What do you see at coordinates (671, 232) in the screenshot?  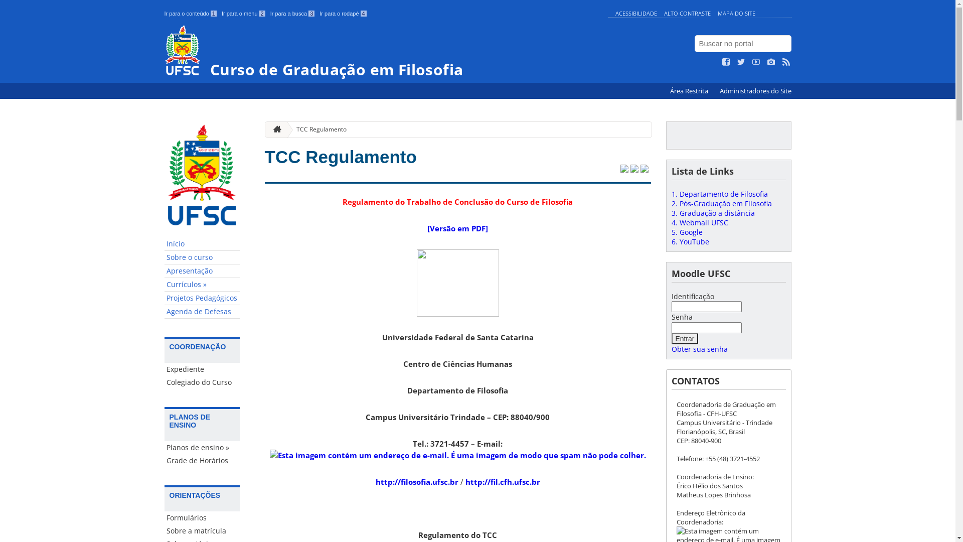 I see `'5. Google'` at bounding box center [671, 232].